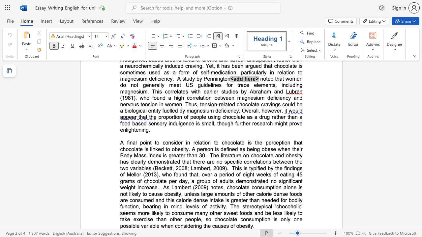 The width and height of the screenshot is (422, 237). Describe the element at coordinates (212, 206) in the screenshot. I see `the subset text "ctivity. The stereotypical ‘chocoholic’ seems more li" within the text "of other calorie dense foods are consumed and this calorie dense intake is greater than needed for bodily function, bearing in mind levels of activity. The stereotypical ‘chocoholic’ seems more likely to consume many other sweet foods and be less likely to take exercise than other people, so chocolate consumption is only one possible variable when considering the causes of obesity."` at that location.